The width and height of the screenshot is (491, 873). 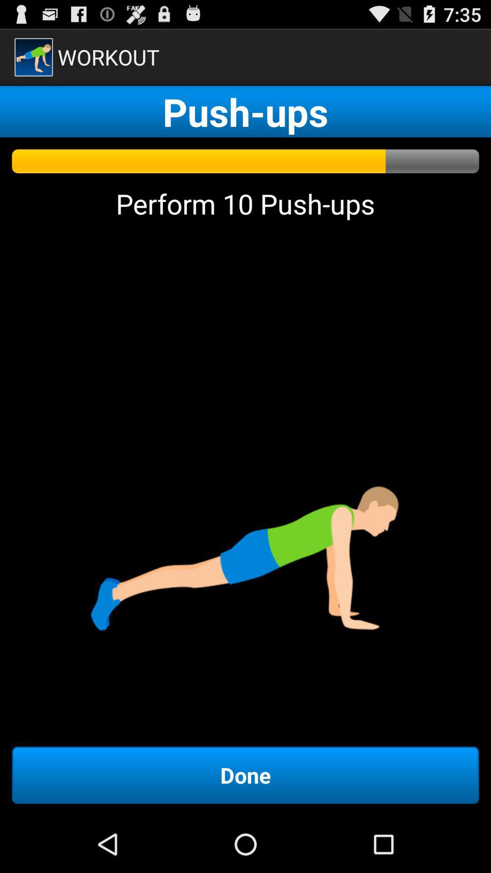 I want to click on the done, so click(x=245, y=774).